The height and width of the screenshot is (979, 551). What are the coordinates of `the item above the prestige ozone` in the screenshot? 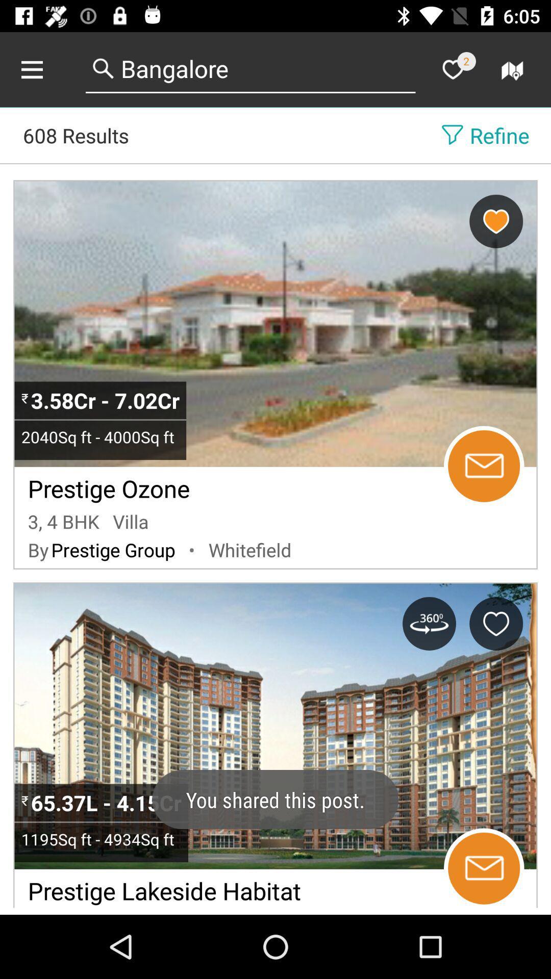 It's located at (100, 436).